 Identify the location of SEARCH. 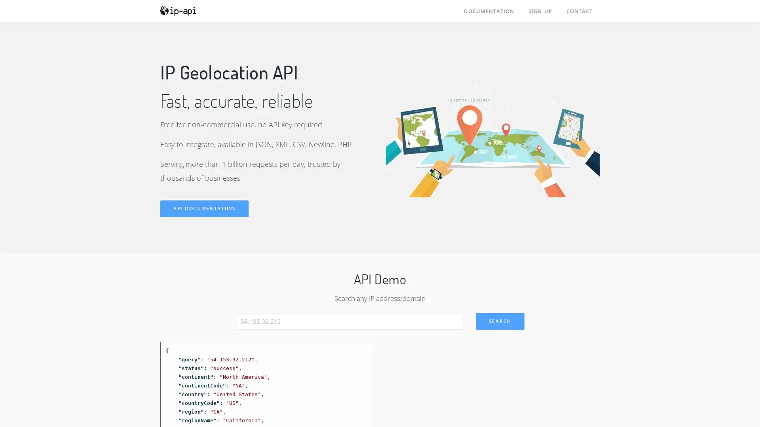
(499, 321).